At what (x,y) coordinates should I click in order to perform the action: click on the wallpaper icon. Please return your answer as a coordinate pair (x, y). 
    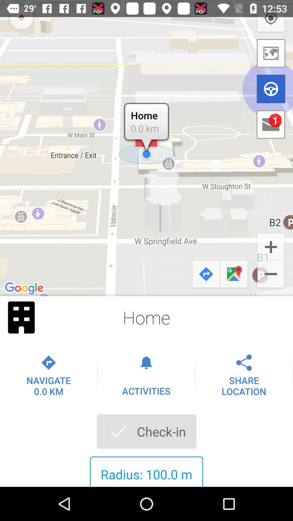
    Looking at the image, I should click on (271, 53).